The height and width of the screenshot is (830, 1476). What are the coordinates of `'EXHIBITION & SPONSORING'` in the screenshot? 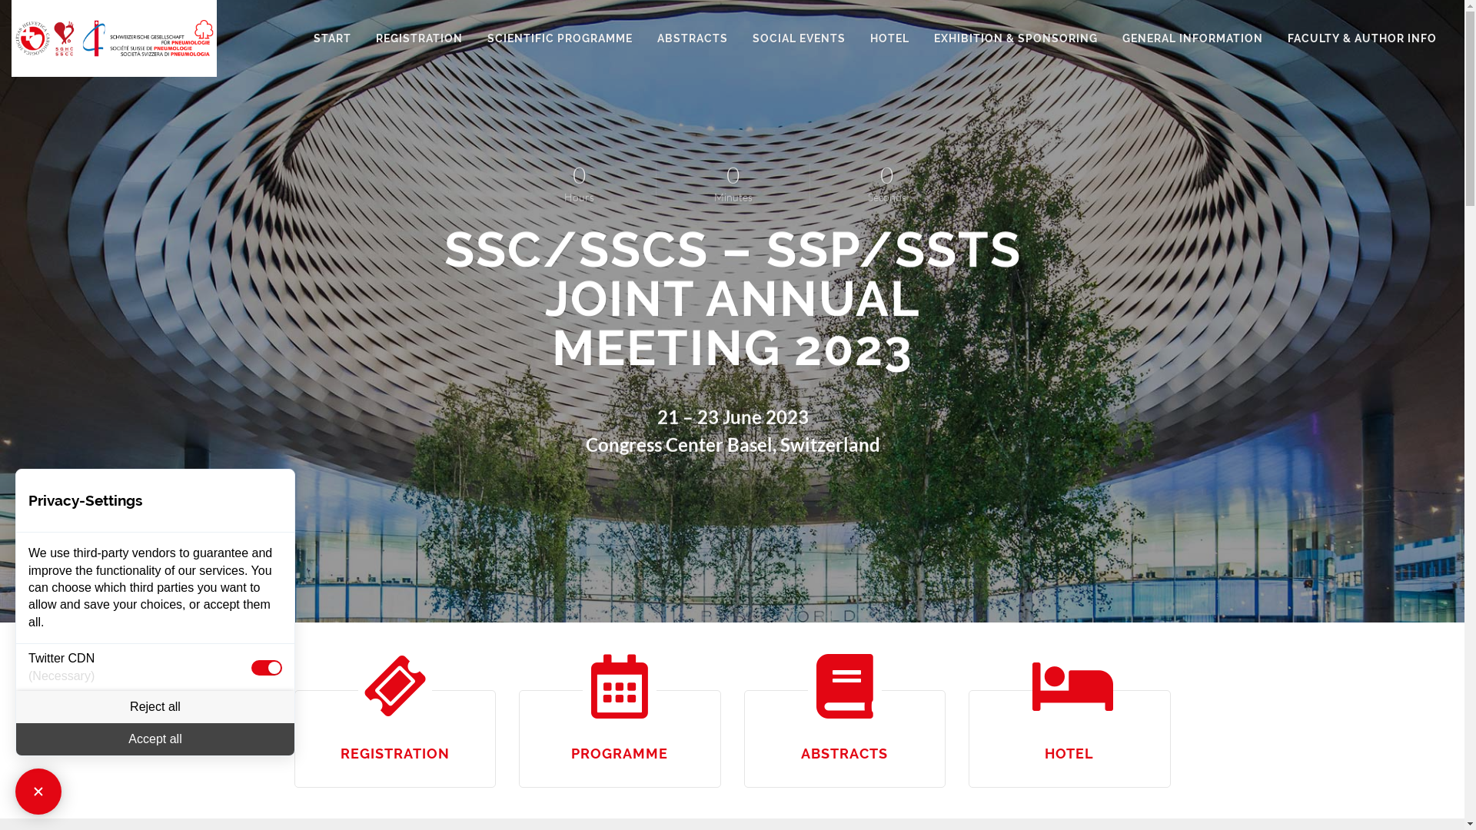 It's located at (1016, 38).